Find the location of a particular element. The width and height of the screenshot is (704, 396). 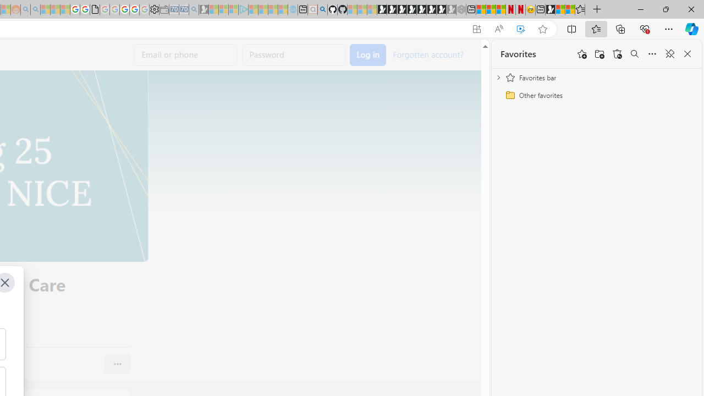

'Forgotten account?' is located at coordinates (427, 54).